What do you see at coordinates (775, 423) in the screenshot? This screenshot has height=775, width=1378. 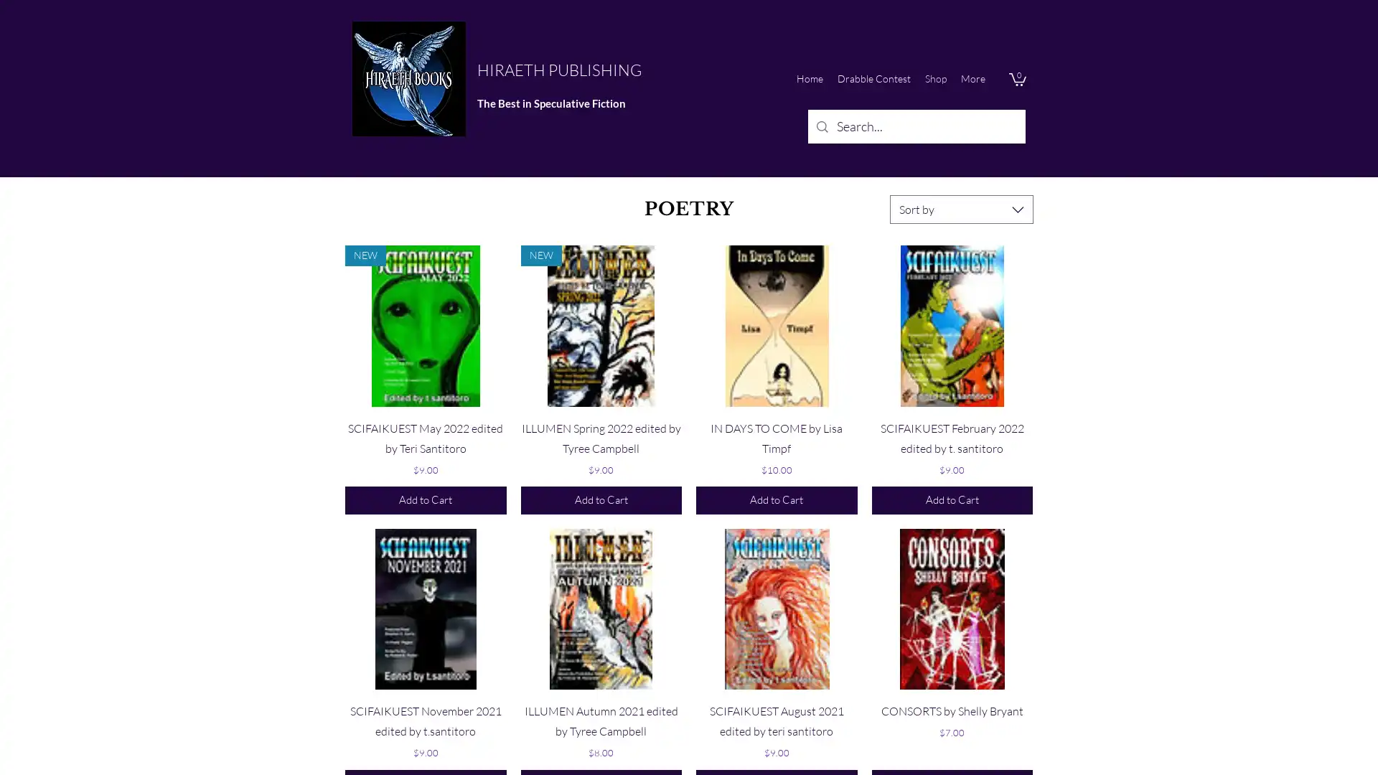 I see `Quick View` at bounding box center [775, 423].